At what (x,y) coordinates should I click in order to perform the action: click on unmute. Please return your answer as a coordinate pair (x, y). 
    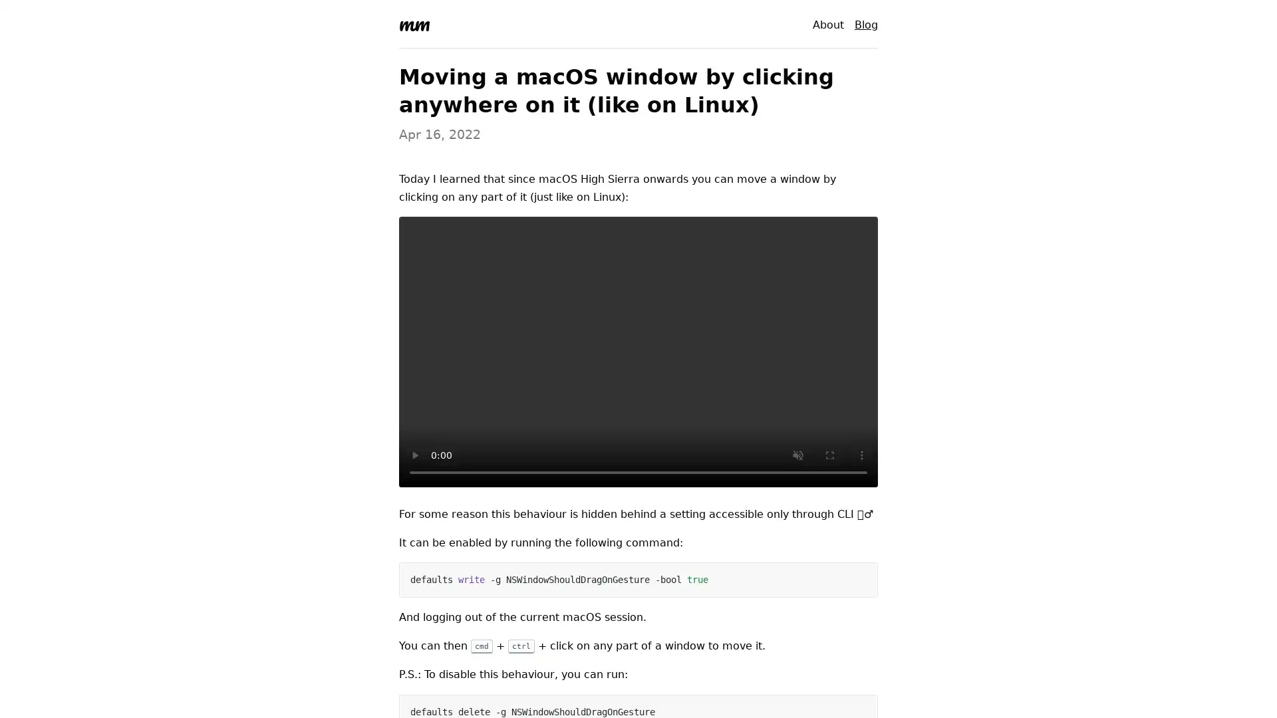
    Looking at the image, I should click on (798, 455).